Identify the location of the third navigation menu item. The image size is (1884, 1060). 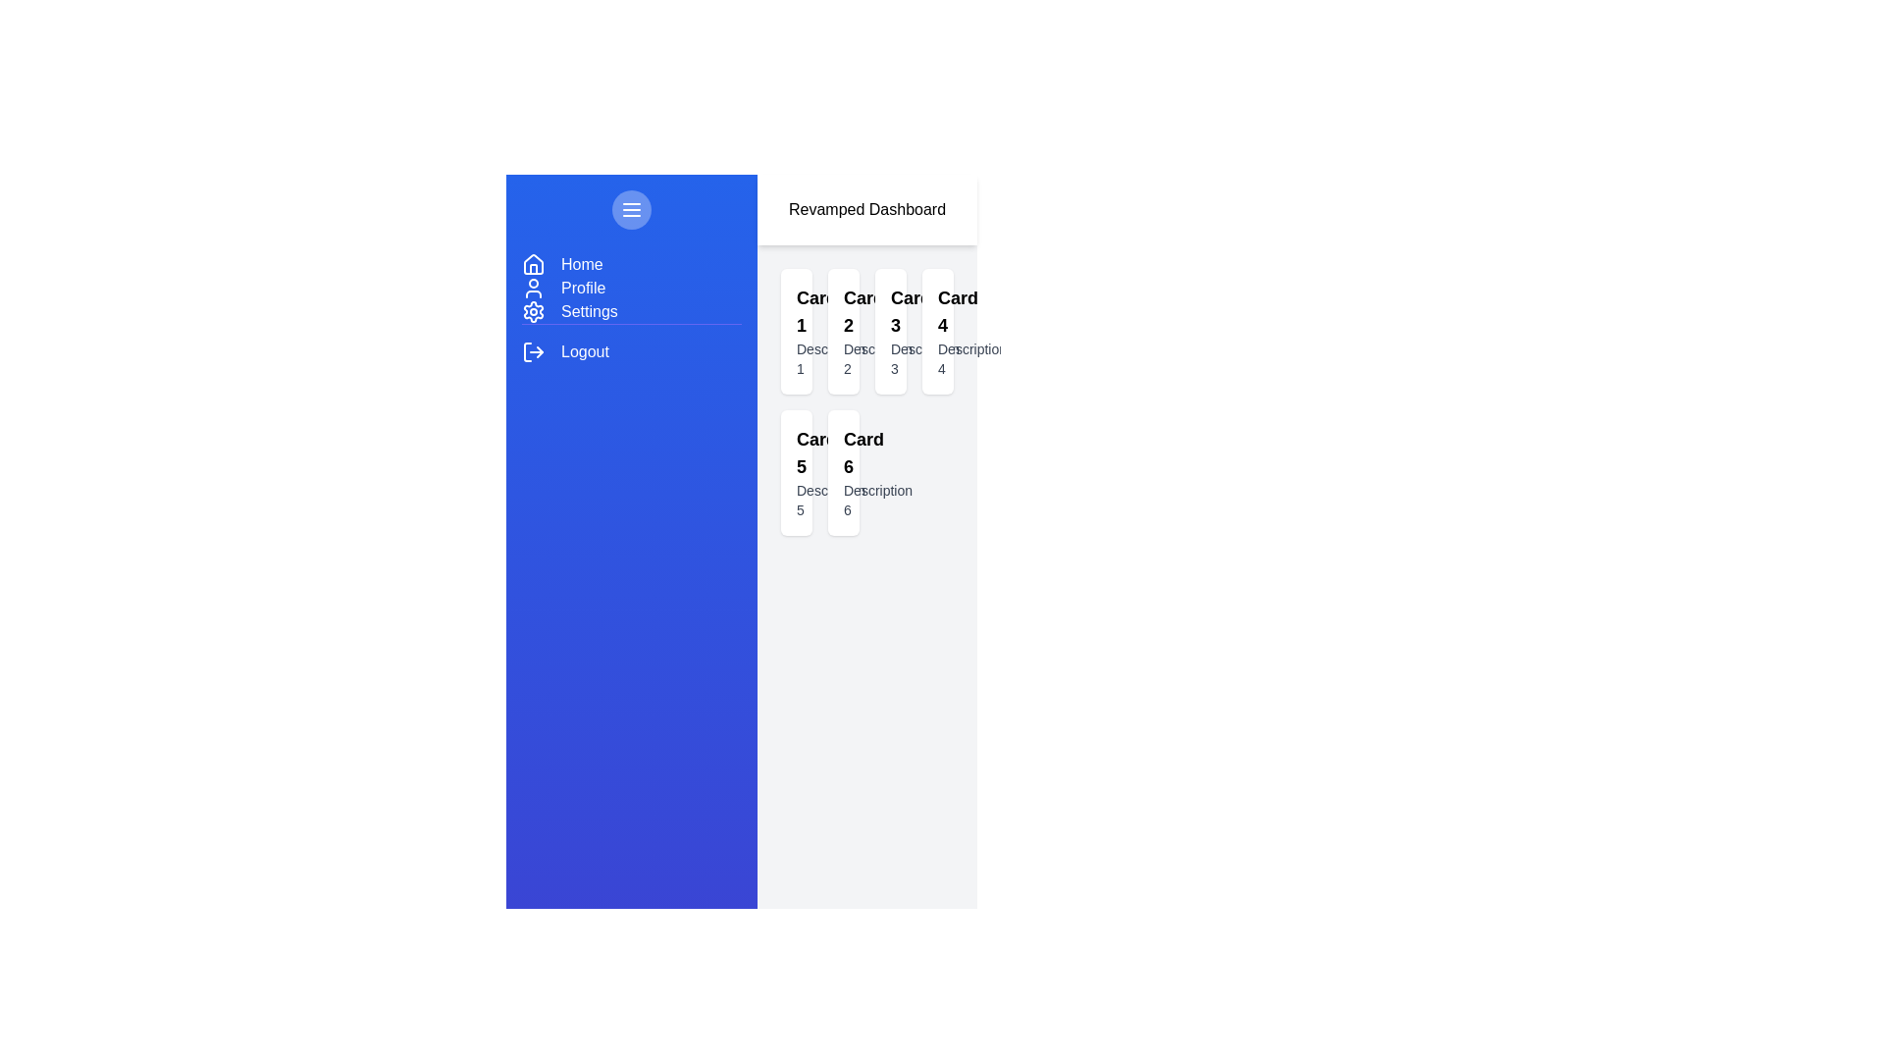
(631, 310).